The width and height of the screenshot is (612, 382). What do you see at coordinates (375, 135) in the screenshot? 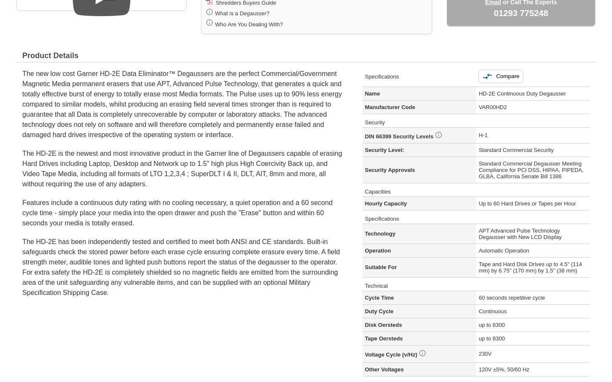
I see `'66399'` at bounding box center [375, 135].